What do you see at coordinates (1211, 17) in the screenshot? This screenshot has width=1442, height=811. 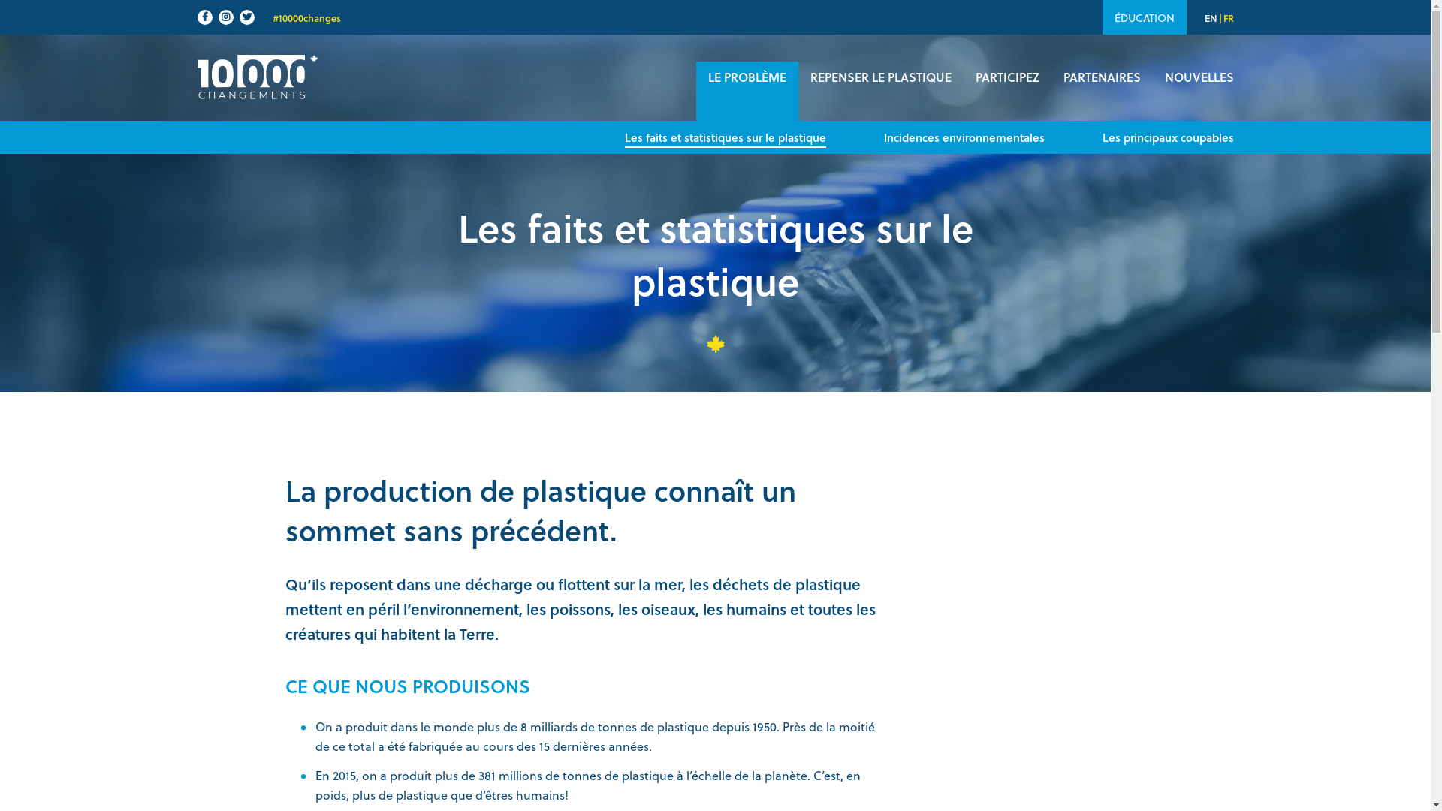 I see `'EN'` at bounding box center [1211, 17].